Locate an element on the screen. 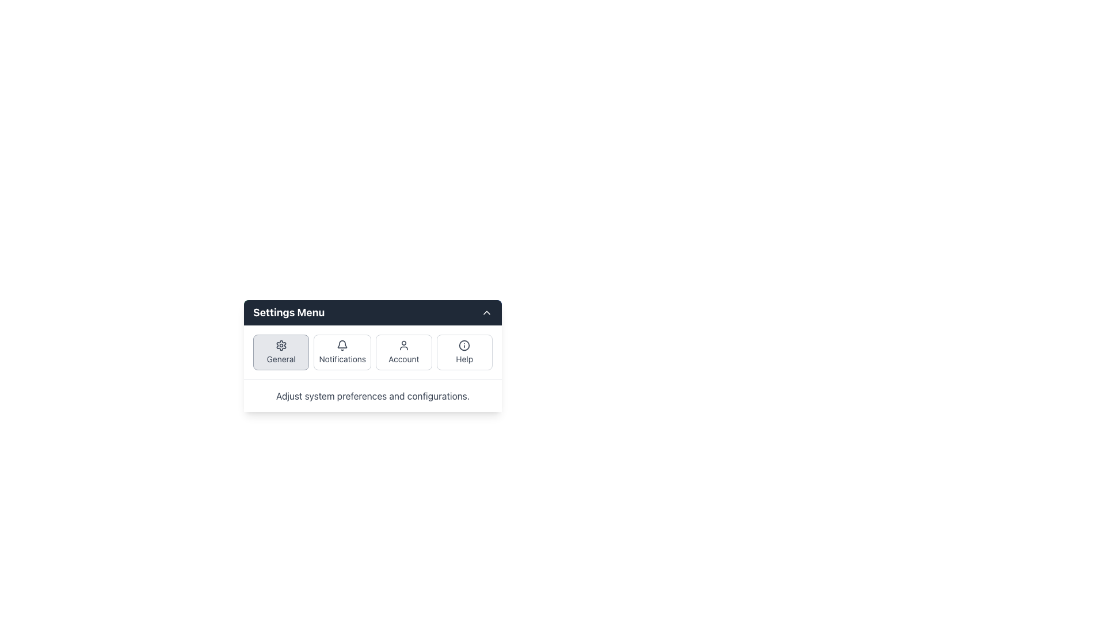 The width and height of the screenshot is (1105, 621). the bell-shaped notification icon located in the Notifications section of the Settings Menu, which is the second icon from the left and directly above the 'Notifications' label is located at coordinates (342, 343).